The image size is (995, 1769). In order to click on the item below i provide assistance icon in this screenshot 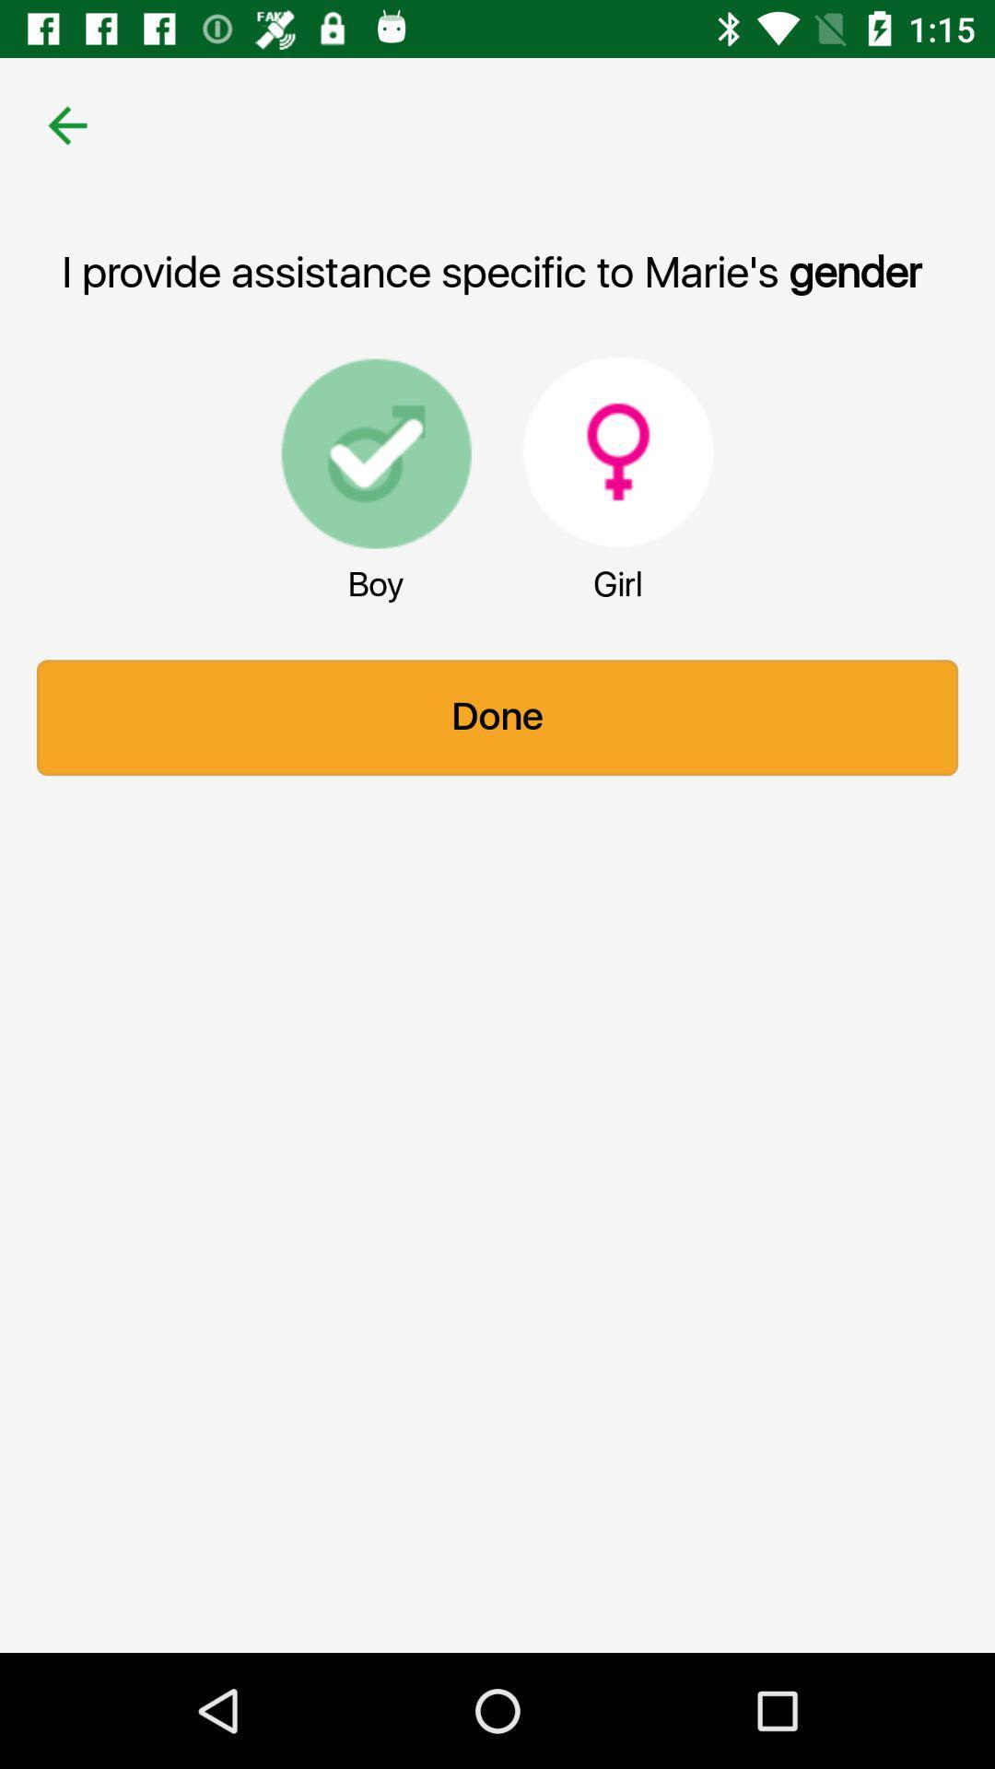, I will do `click(618, 451)`.